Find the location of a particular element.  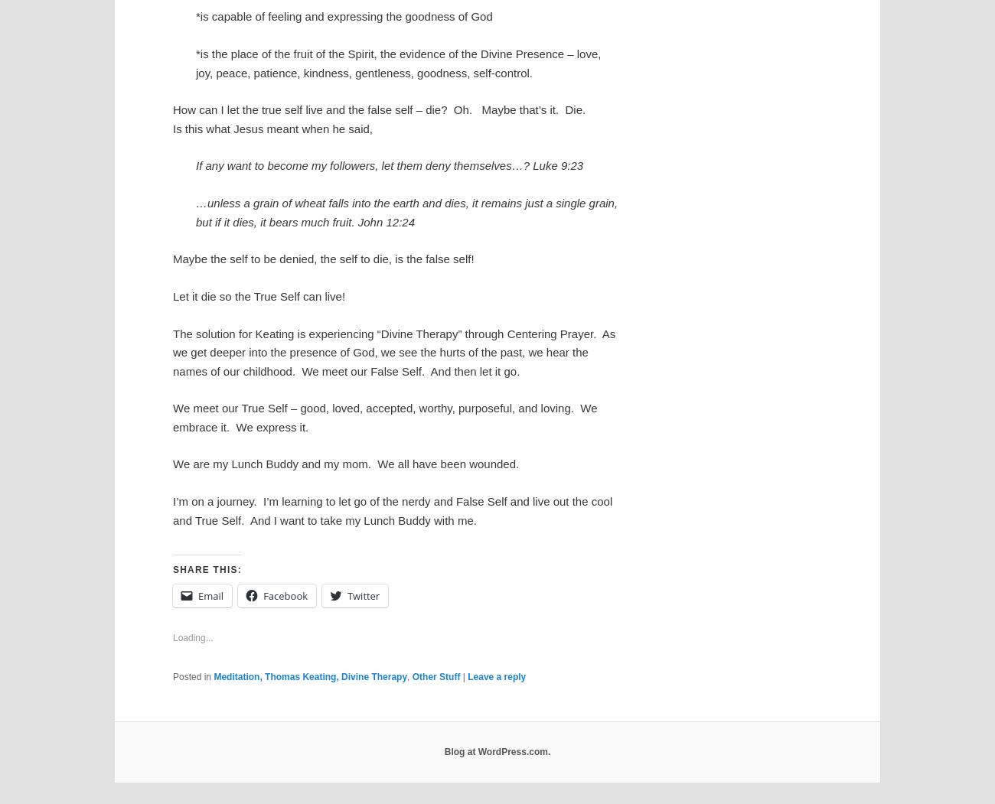

'We meet our True Self – good, loved, accepted, worthy, purposeful, and loving.  We embrace it.  We express it.' is located at coordinates (384, 416).